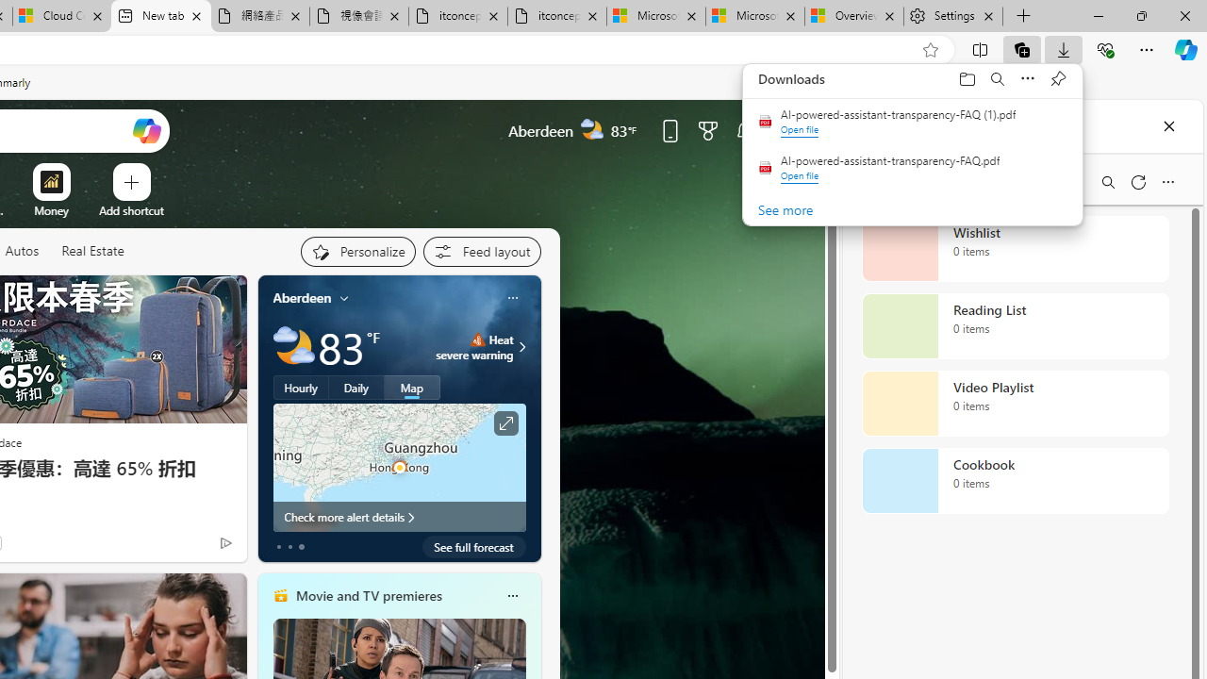 This screenshot has height=679, width=1207. What do you see at coordinates (22, 250) in the screenshot?
I see `'Autos'` at bounding box center [22, 250].